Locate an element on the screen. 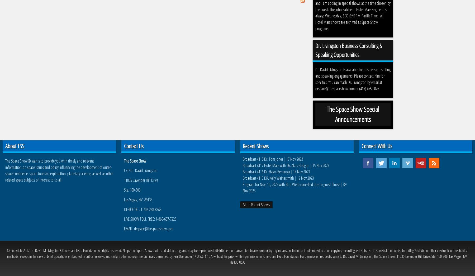 Image resolution: width=475 pixels, height=276 pixels. 'Contact Us' is located at coordinates (134, 145).